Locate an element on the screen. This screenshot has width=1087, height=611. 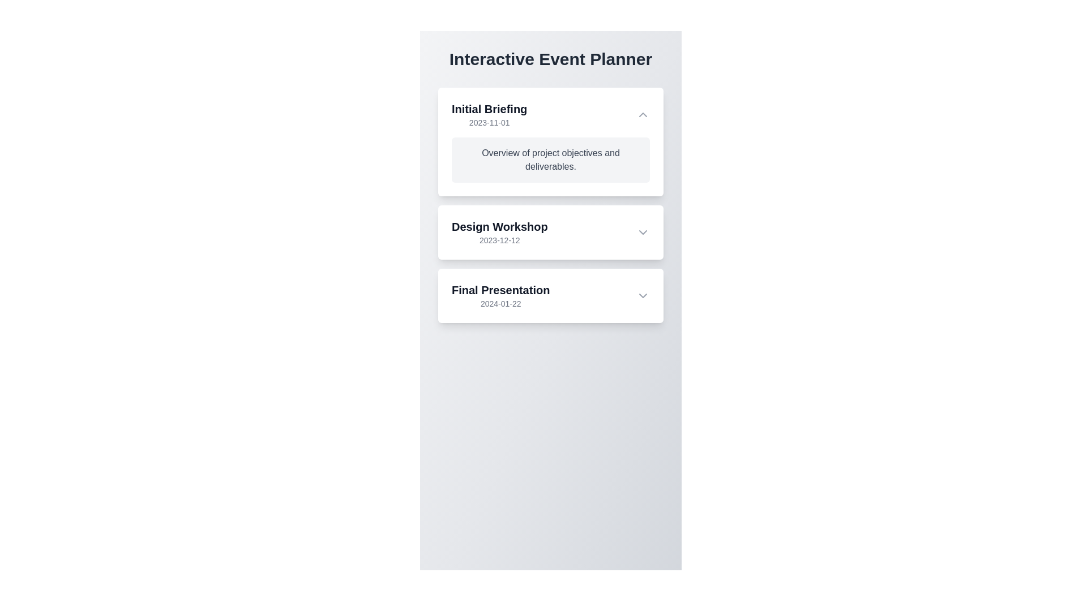
the second Expandable Event Card in the Interactive Event Planner is located at coordinates (551, 232).